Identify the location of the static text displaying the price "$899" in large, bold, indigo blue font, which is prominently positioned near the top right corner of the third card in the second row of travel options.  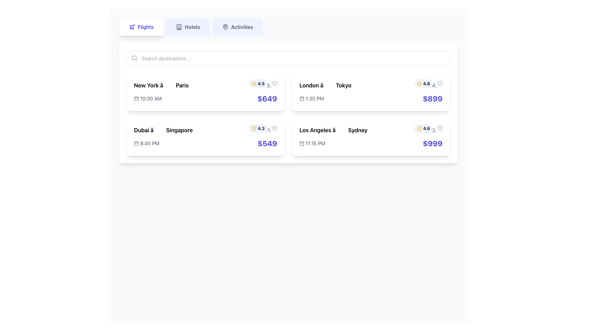
(432, 98).